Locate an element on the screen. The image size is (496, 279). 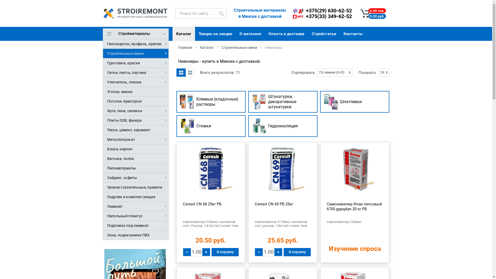
'+375(33) 349-62-52' is located at coordinates (328, 16).